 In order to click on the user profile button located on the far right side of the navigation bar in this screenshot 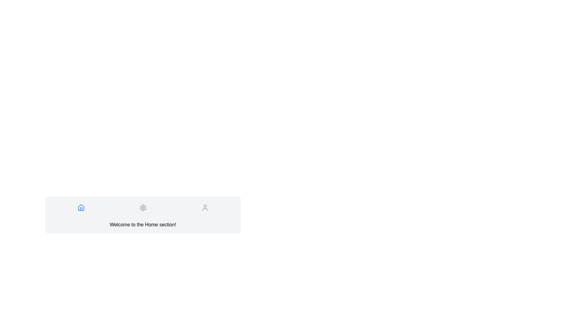, I will do `click(205, 207)`.